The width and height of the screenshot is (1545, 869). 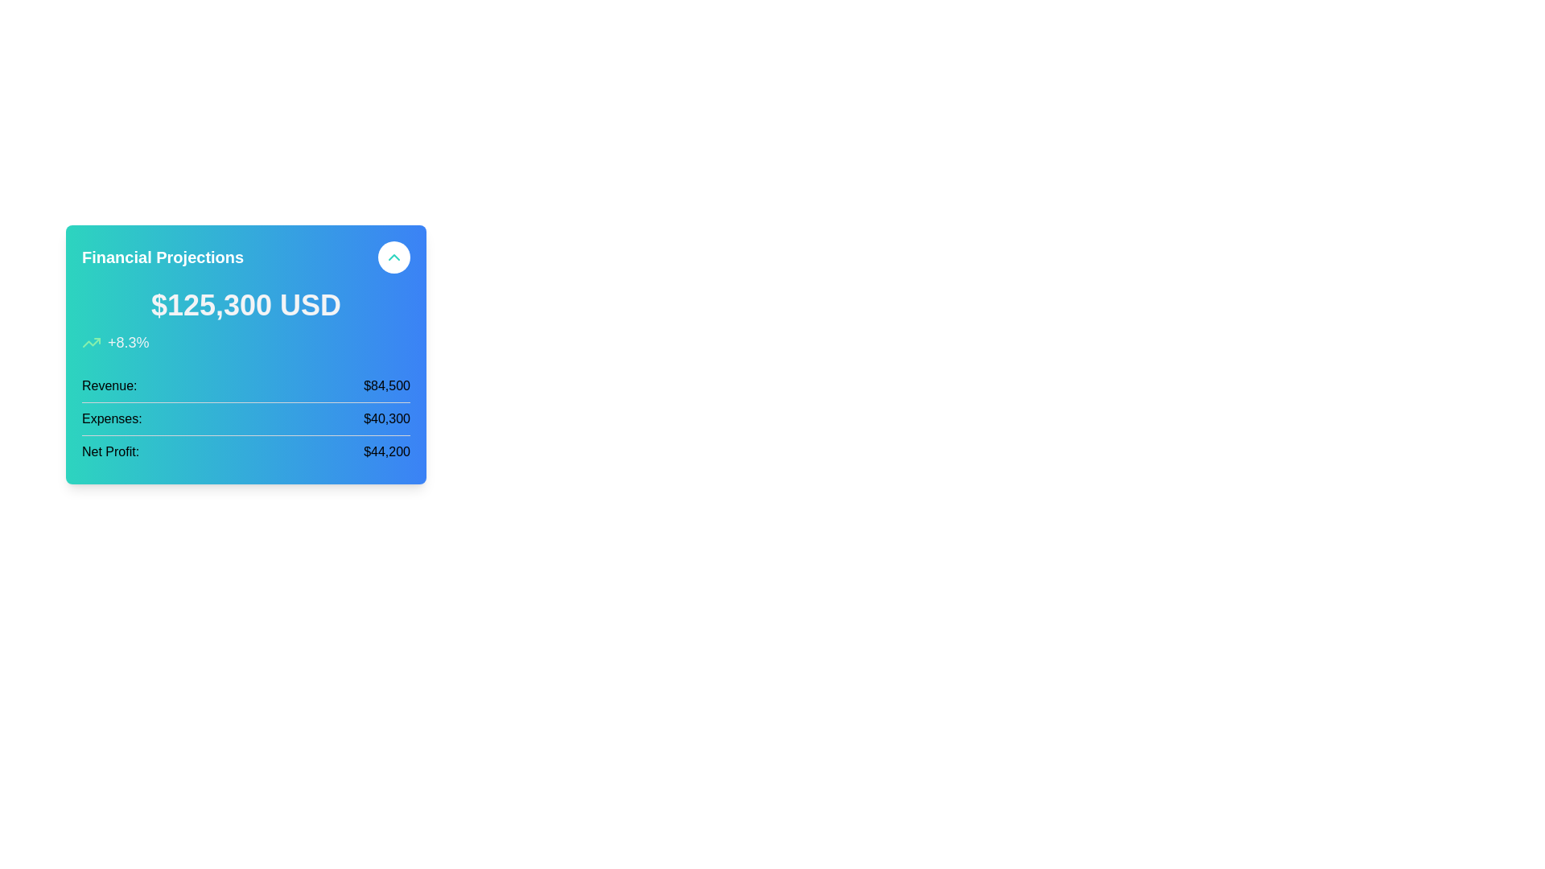 I want to click on the green upward trend icon in the line chart, which is located near the top-right corner of the financial projections card, so click(x=91, y=341).